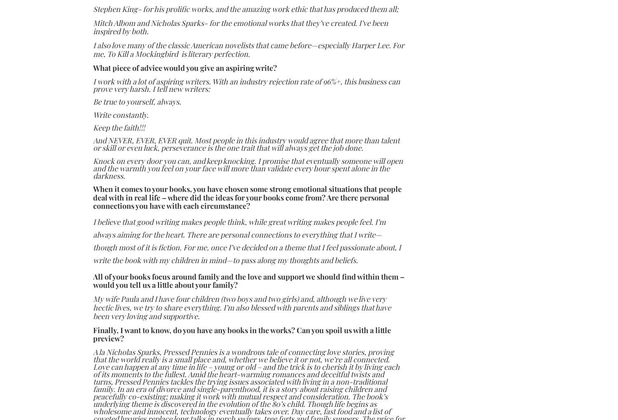  I want to click on 'Write constantly.', so click(120, 114).